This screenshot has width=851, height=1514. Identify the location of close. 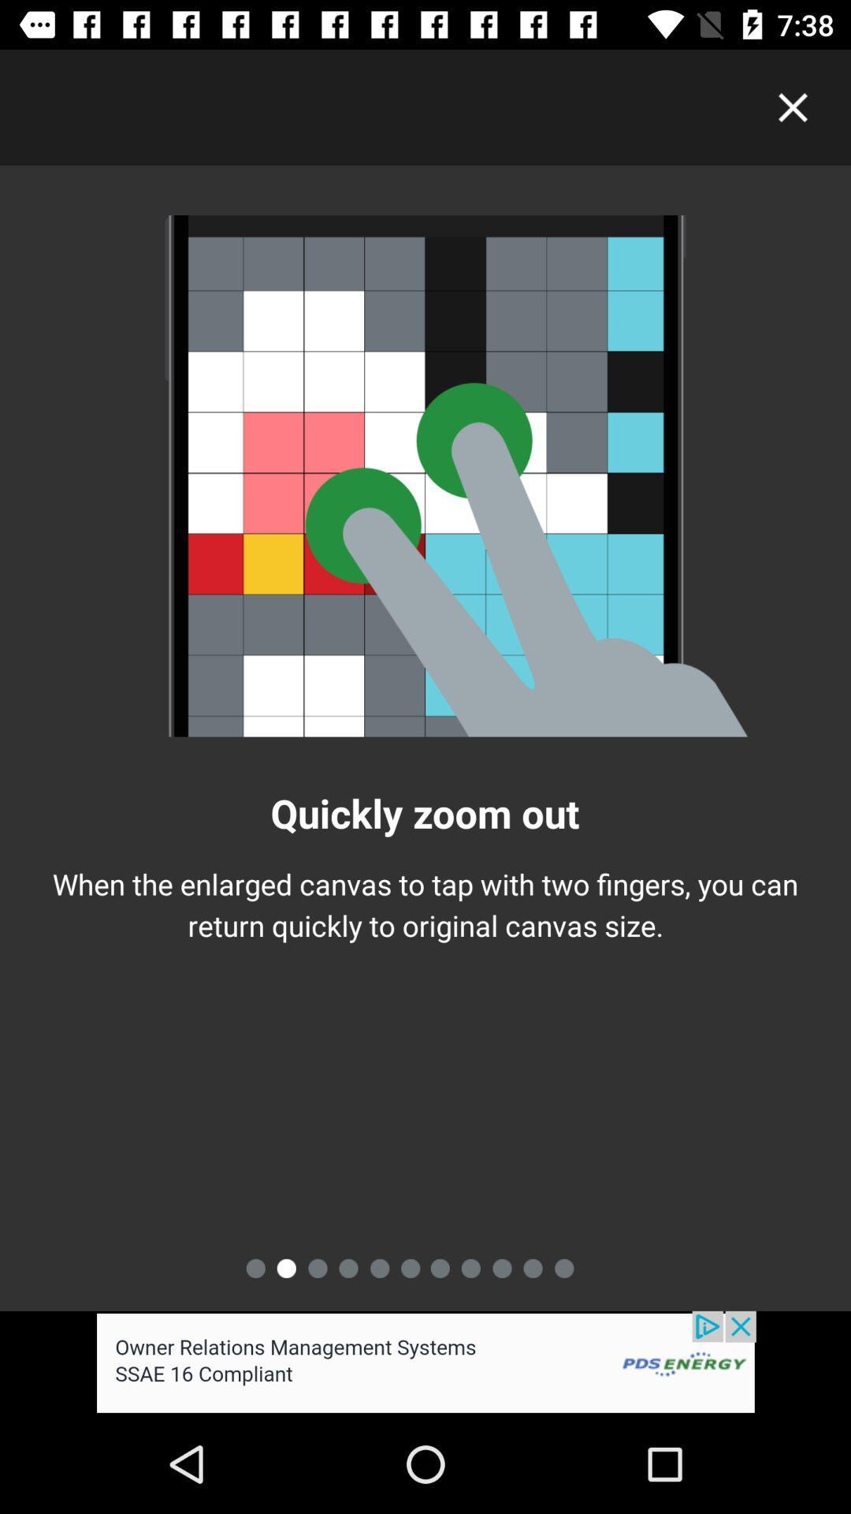
(793, 106).